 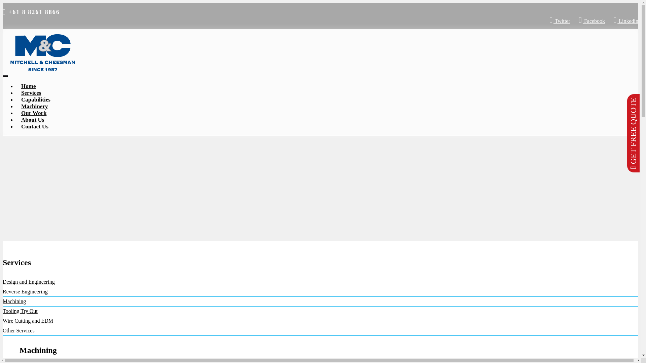 I want to click on 'Reverse Engineering', so click(x=3, y=291).